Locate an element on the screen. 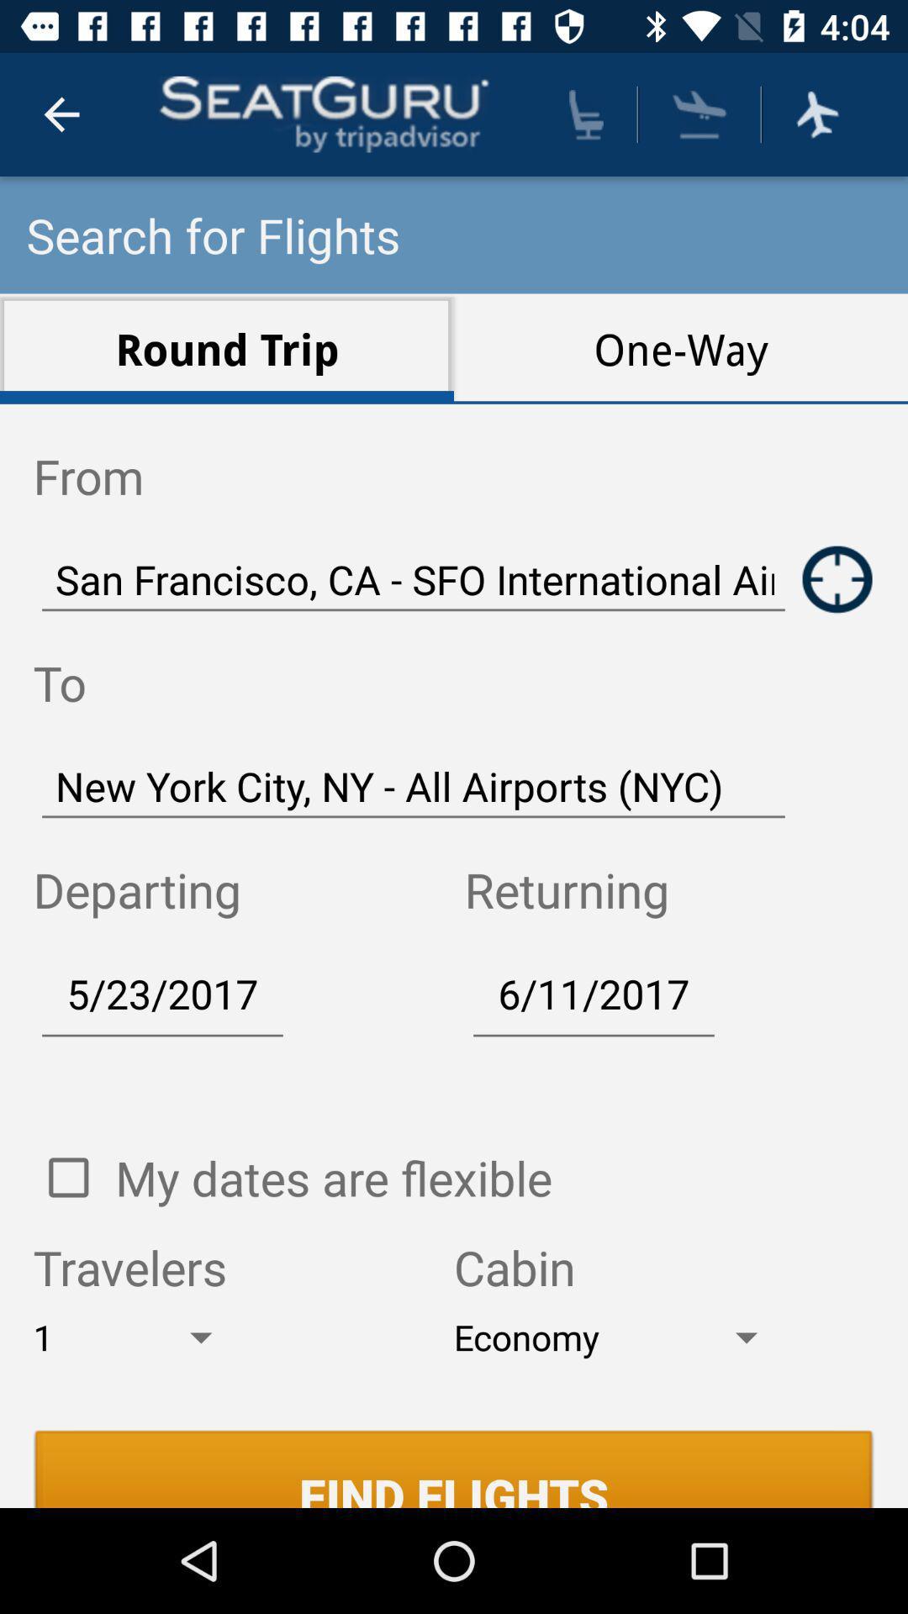 Image resolution: width=908 pixels, height=1614 pixels. departing airport is located at coordinates (837, 579).